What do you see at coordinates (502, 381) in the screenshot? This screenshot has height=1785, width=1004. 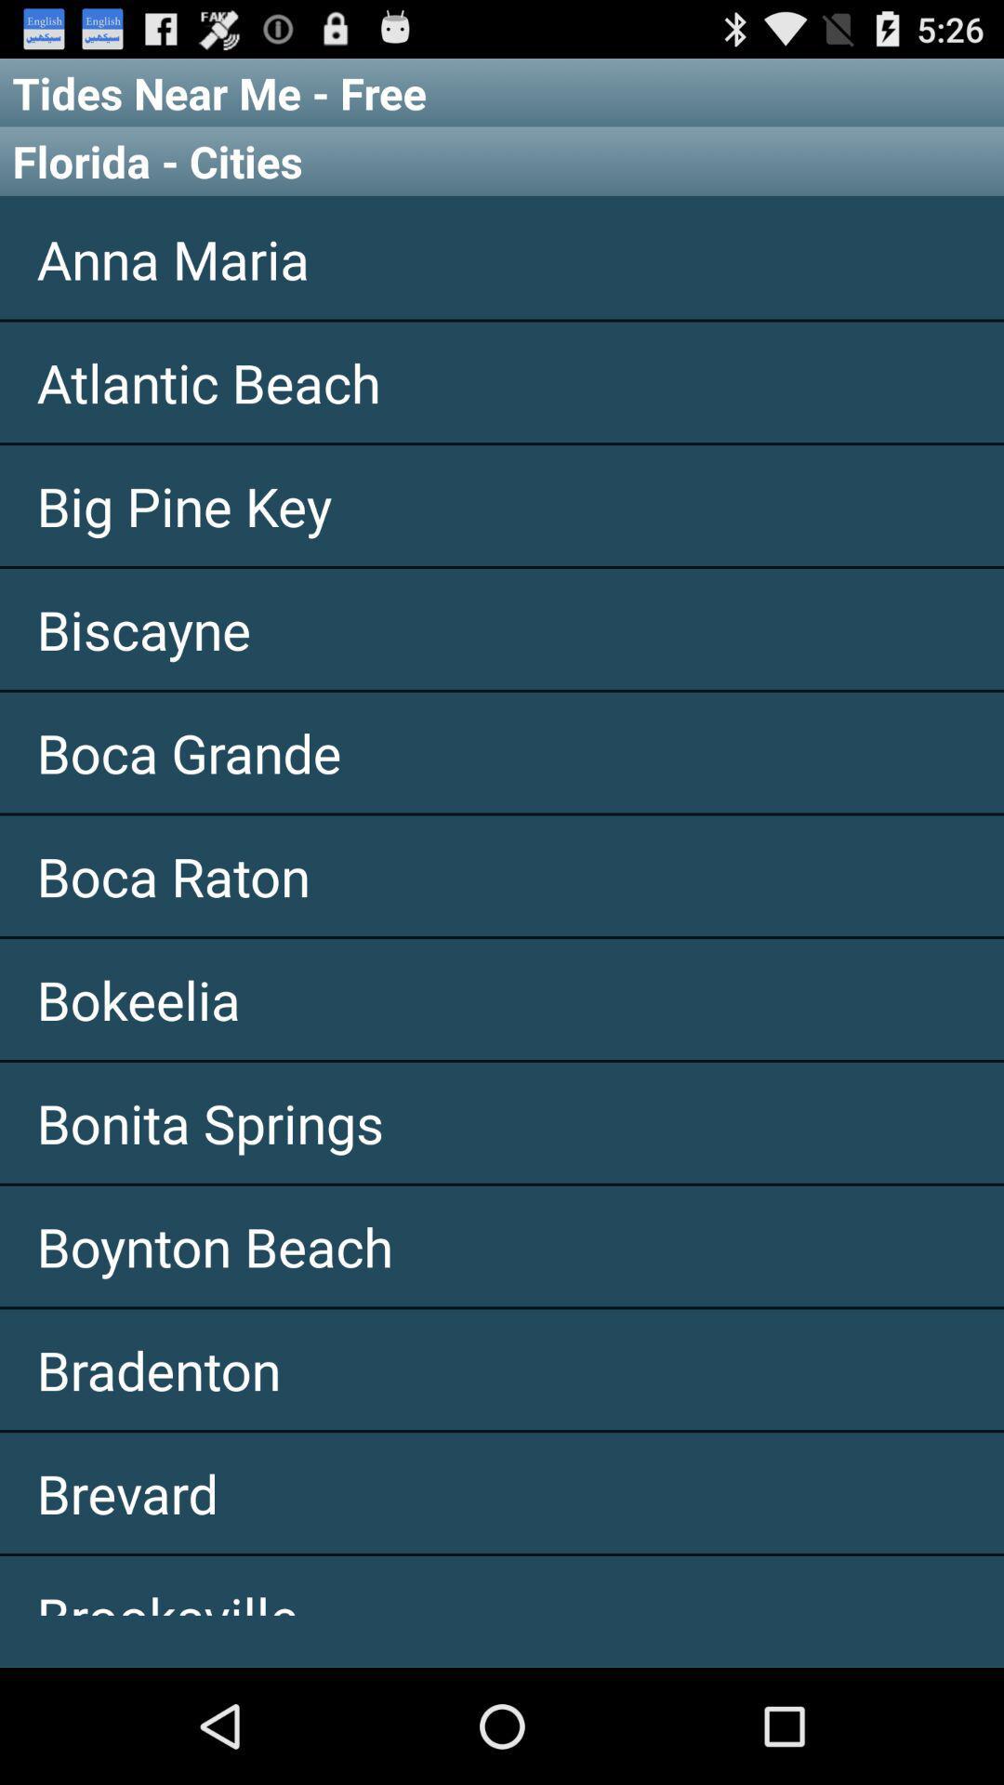 I see `icon below anna maria app` at bounding box center [502, 381].